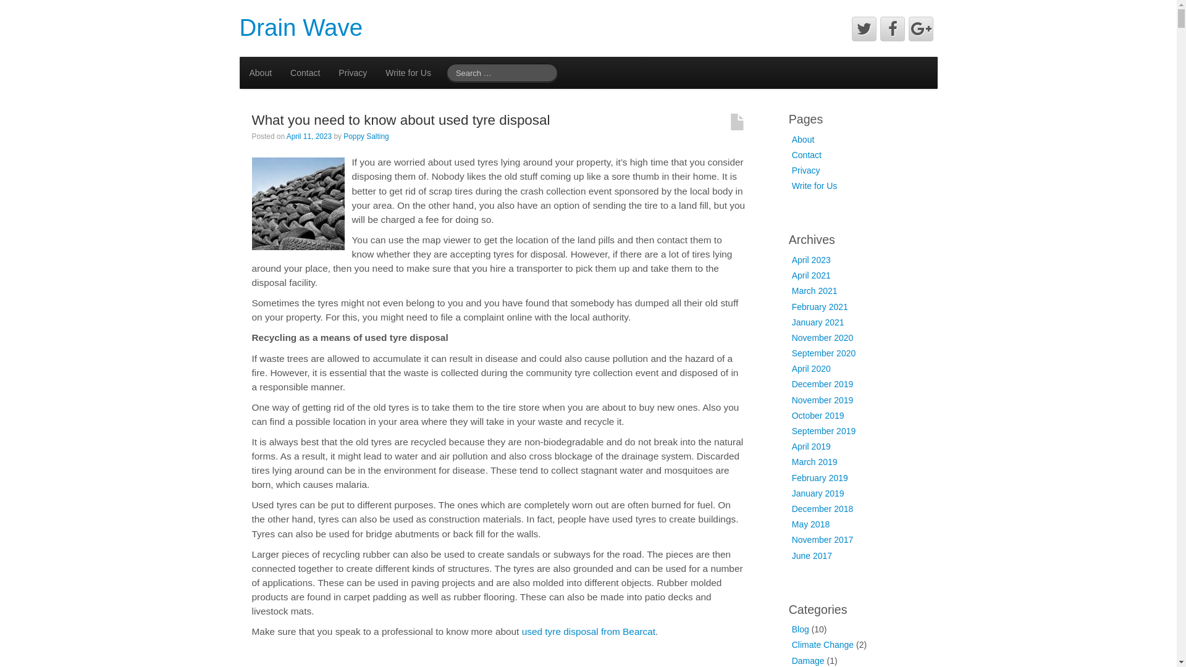 The width and height of the screenshot is (1186, 667). Describe the element at coordinates (815, 290) in the screenshot. I see `'March 2021'` at that location.